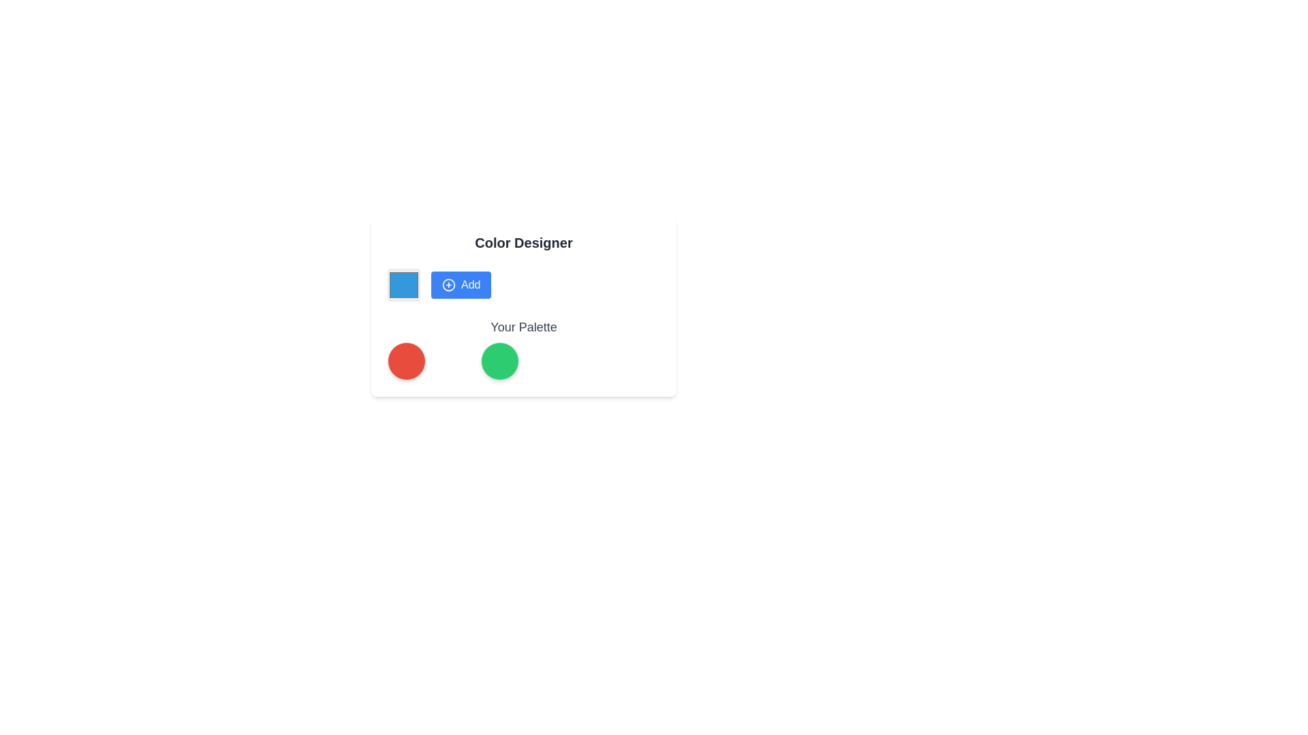 This screenshot has width=1308, height=735. What do you see at coordinates (405, 361) in the screenshot?
I see `the red circular decorative color icon` at bounding box center [405, 361].